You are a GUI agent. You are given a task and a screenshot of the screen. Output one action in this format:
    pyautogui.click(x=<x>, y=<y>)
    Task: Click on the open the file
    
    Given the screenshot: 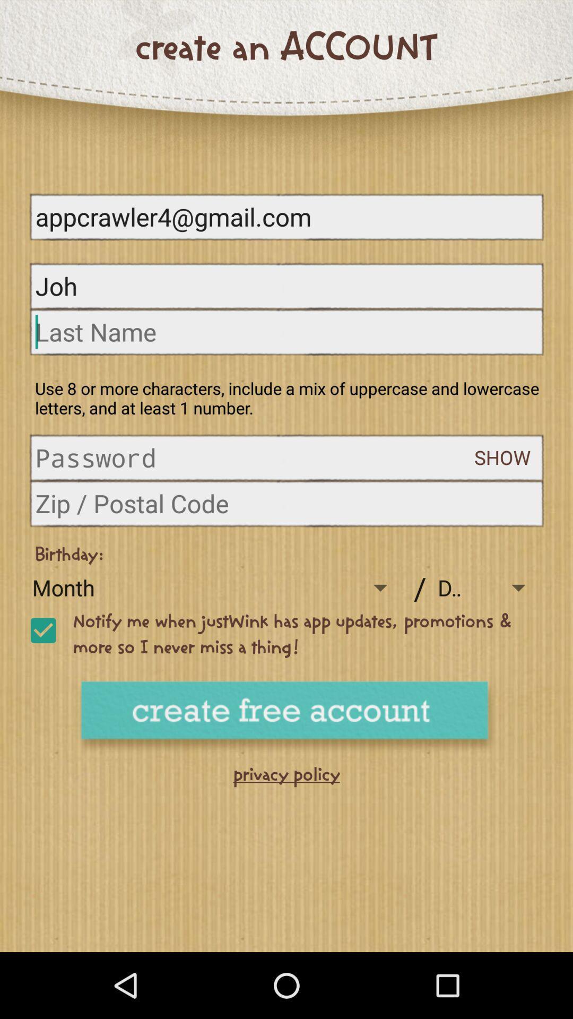 What is the action you would take?
    pyautogui.click(x=255, y=457)
    